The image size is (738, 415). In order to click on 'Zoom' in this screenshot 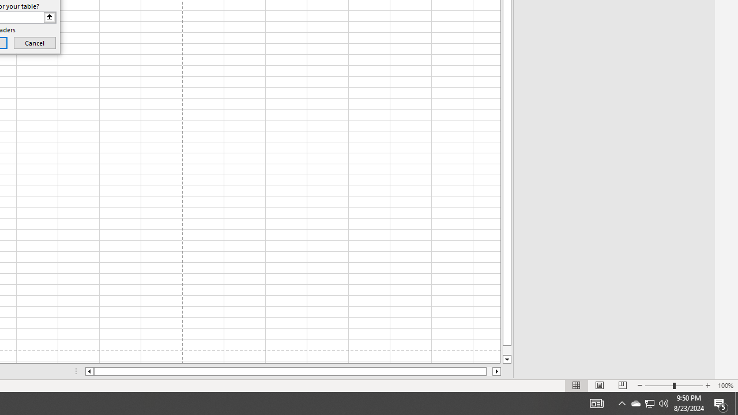, I will do `click(673, 386)`.